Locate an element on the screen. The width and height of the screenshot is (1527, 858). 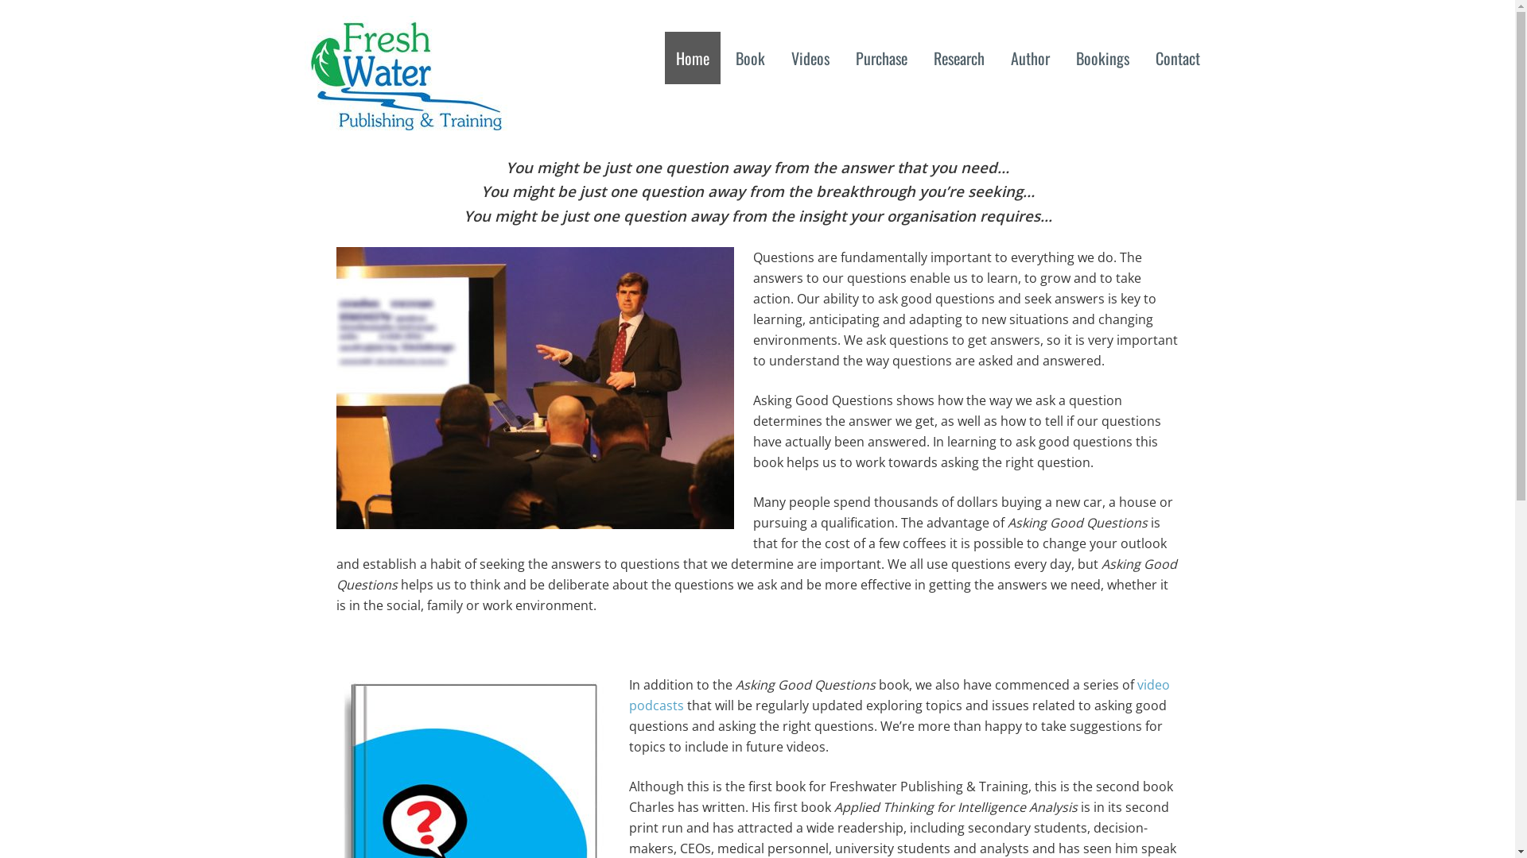
'video podcasts' is located at coordinates (628, 694).